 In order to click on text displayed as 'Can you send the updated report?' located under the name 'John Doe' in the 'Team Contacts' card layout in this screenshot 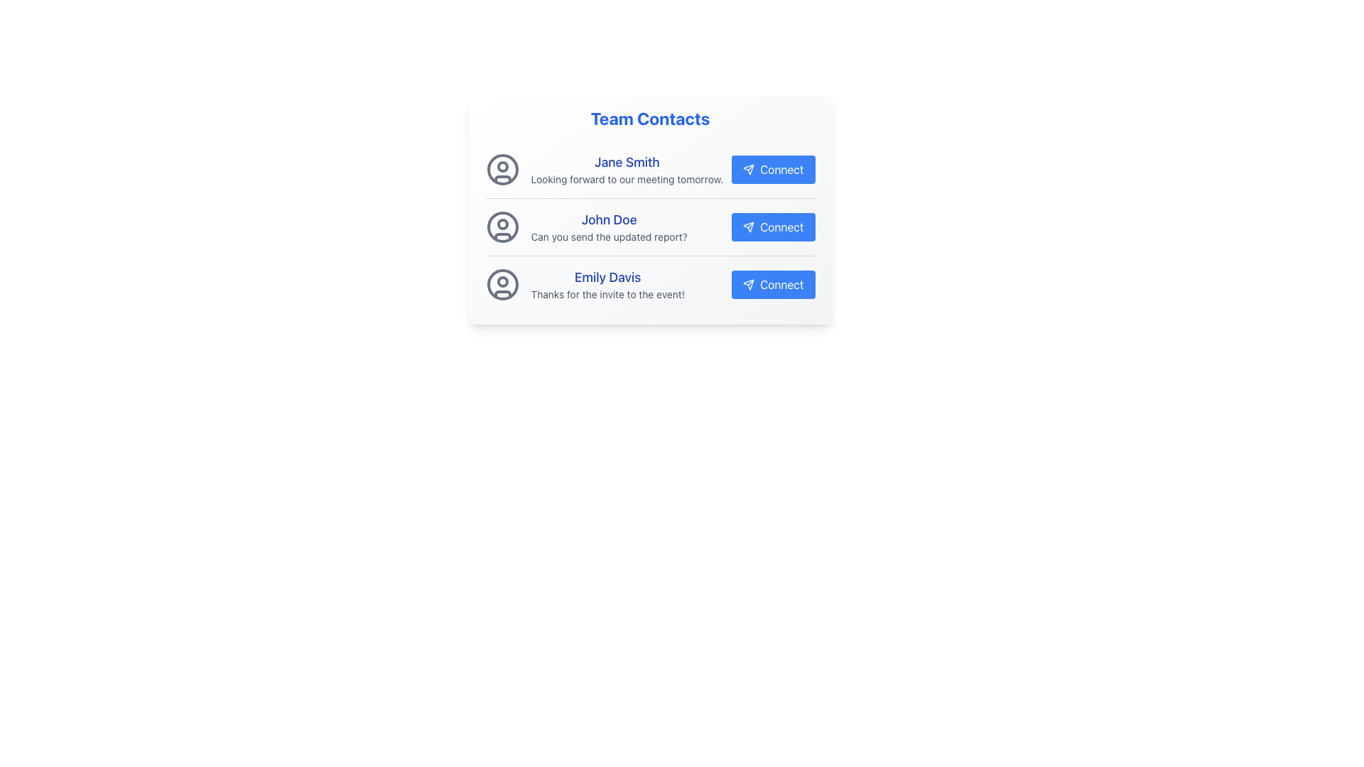, I will do `click(609, 236)`.